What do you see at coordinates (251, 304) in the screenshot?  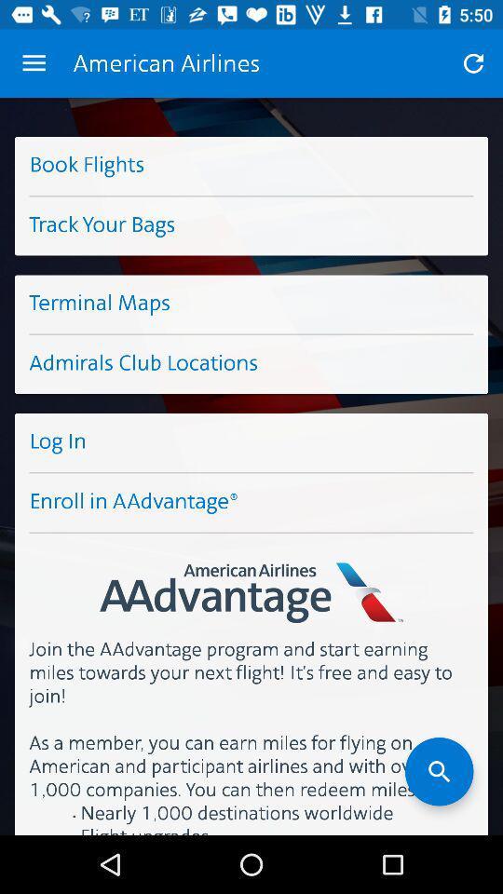 I see `terminal maps` at bounding box center [251, 304].